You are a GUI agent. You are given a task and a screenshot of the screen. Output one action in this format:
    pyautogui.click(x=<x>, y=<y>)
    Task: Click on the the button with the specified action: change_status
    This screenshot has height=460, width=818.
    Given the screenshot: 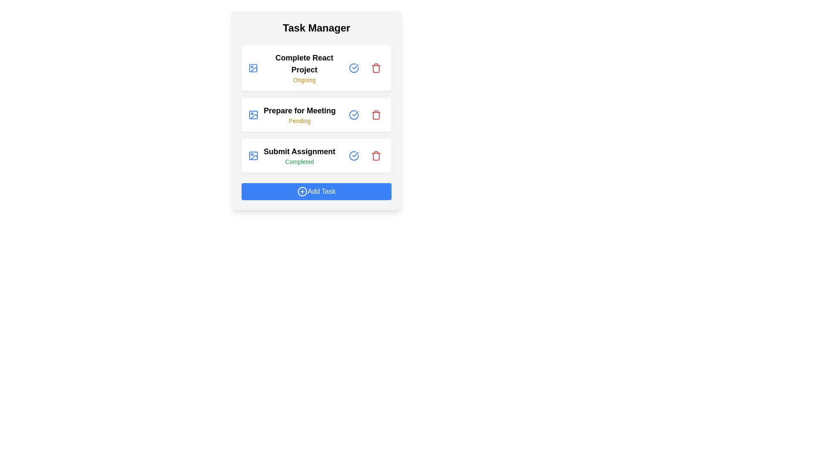 What is the action you would take?
    pyautogui.click(x=354, y=67)
    